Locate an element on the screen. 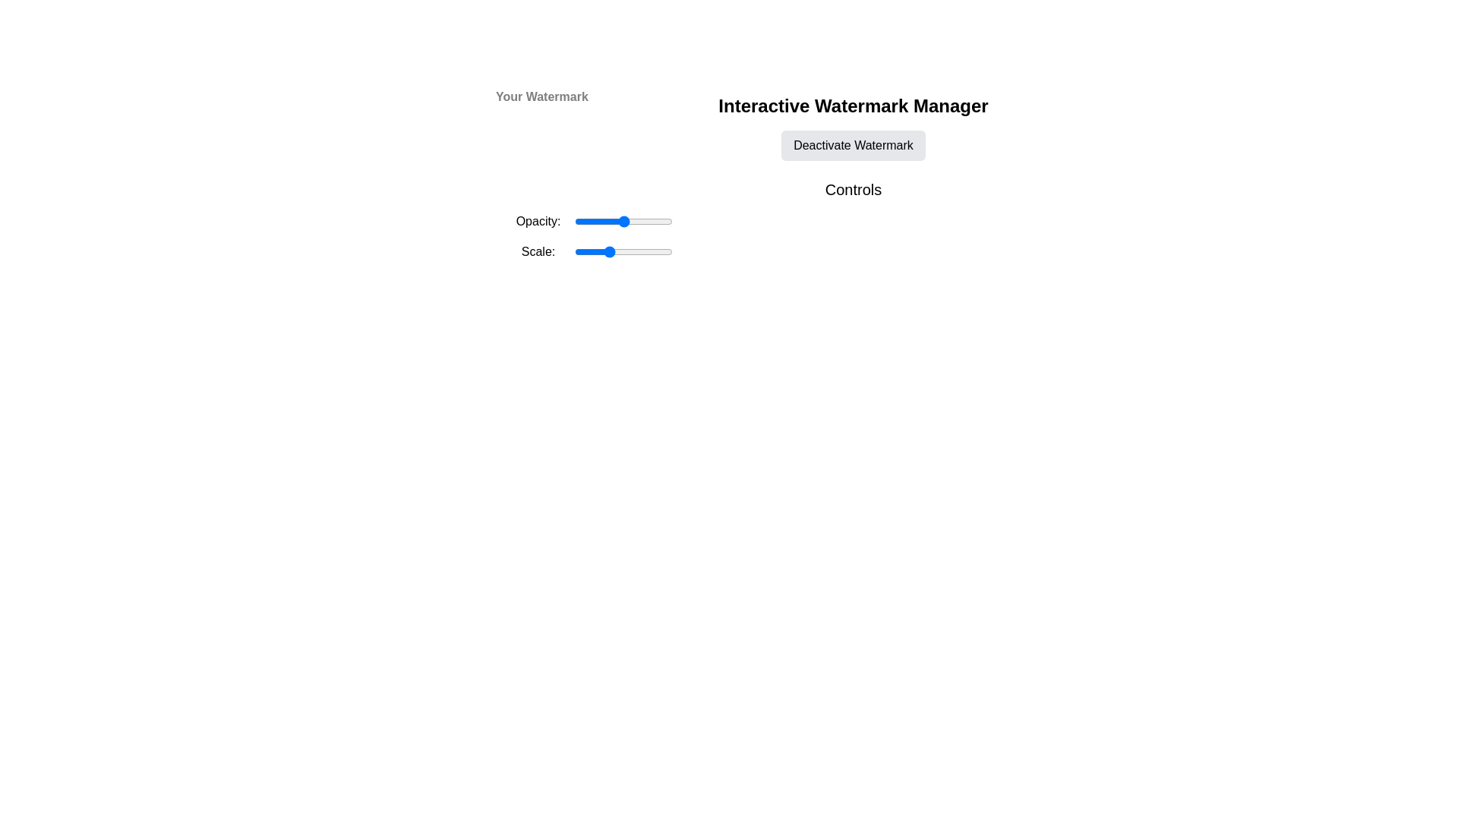 This screenshot has height=820, width=1458. the scale factor is located at coordinates (542, 245).